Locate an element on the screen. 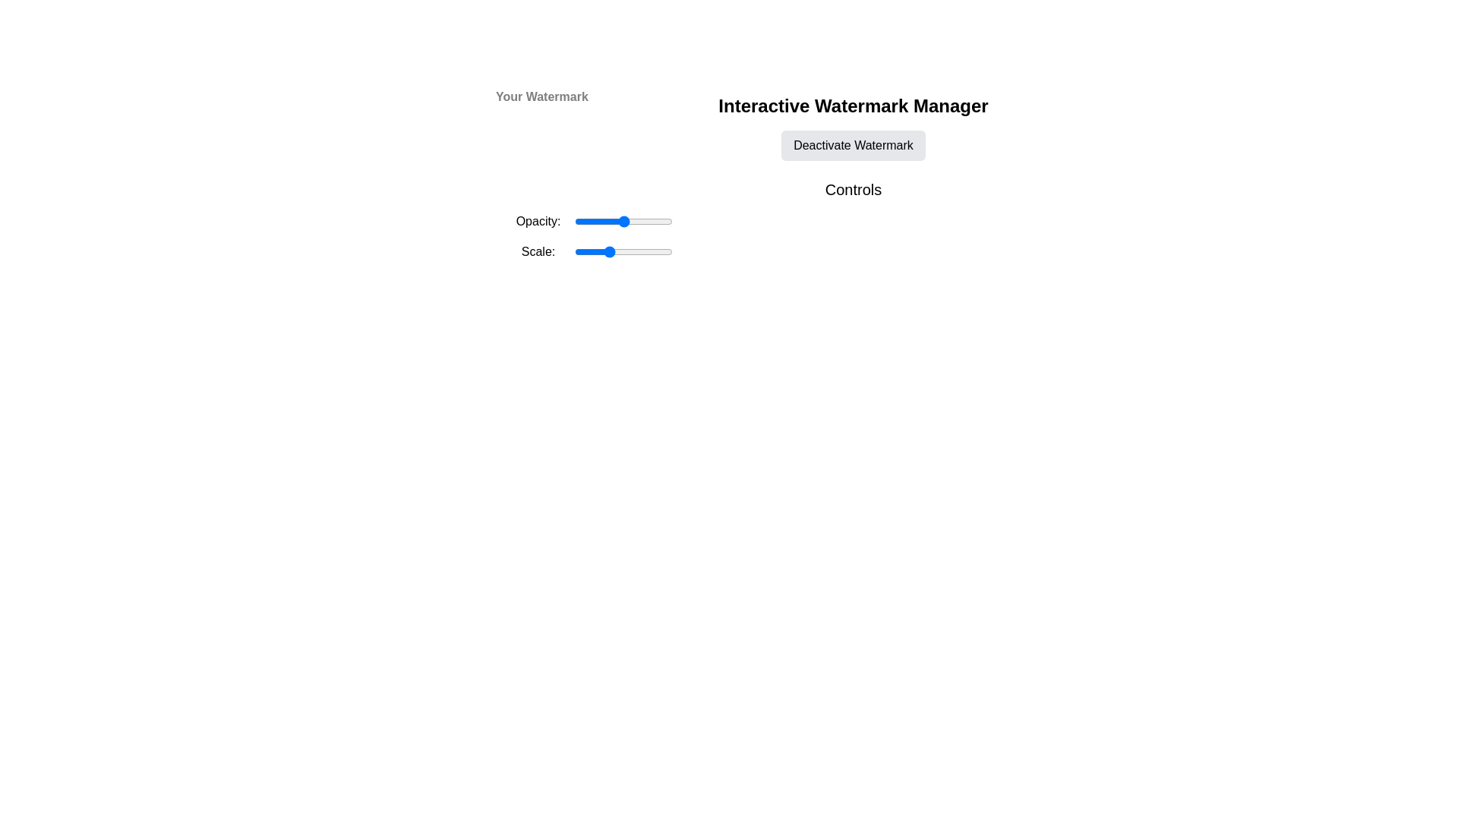 This screenshot has height=820, width=1458. the scale factor is located at coordinates (542, 245).